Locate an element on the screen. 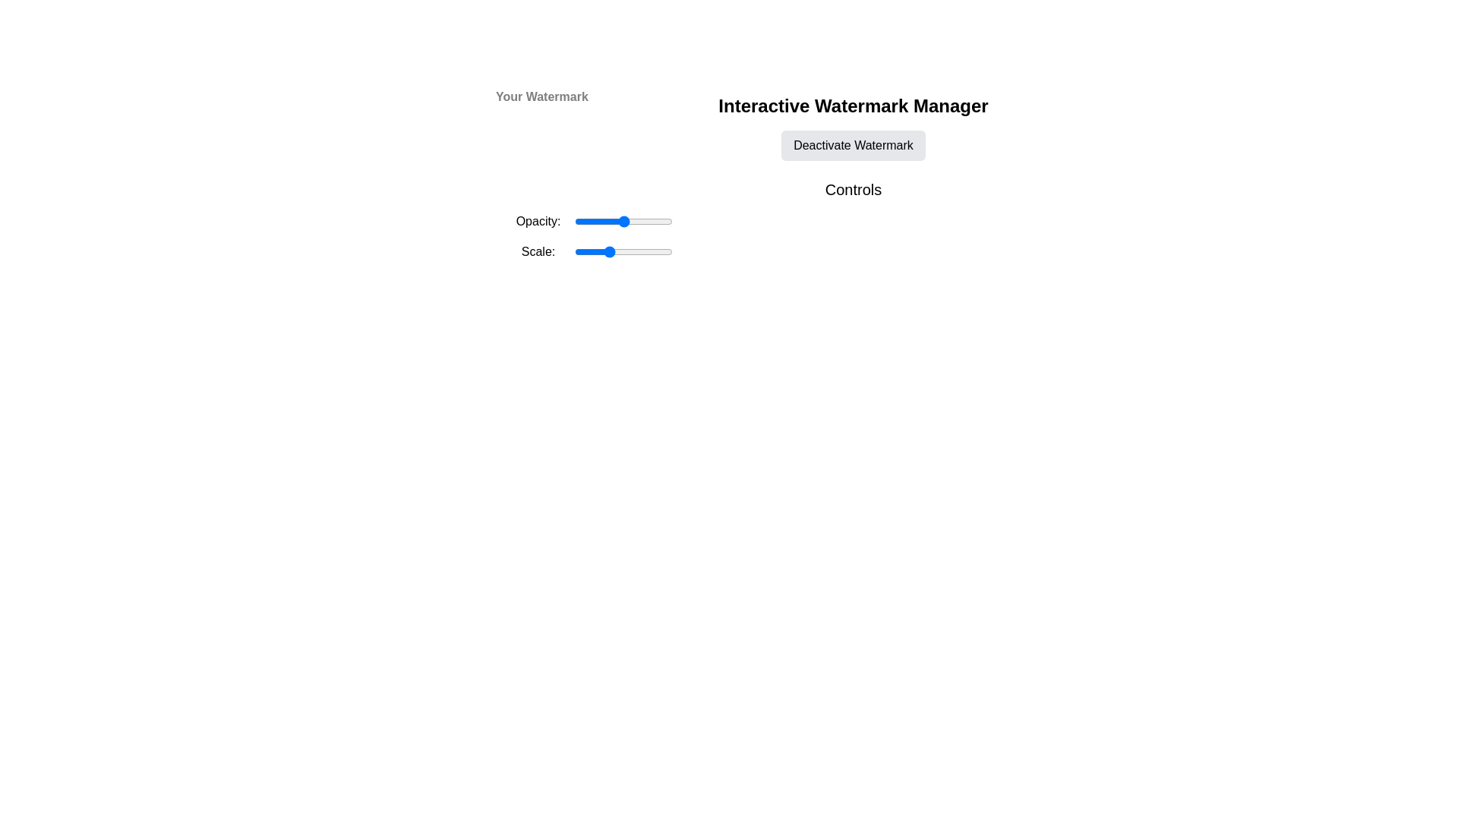 This screenshot has height=820, width=1458. the scale factor is located at coordinates (542, 245).